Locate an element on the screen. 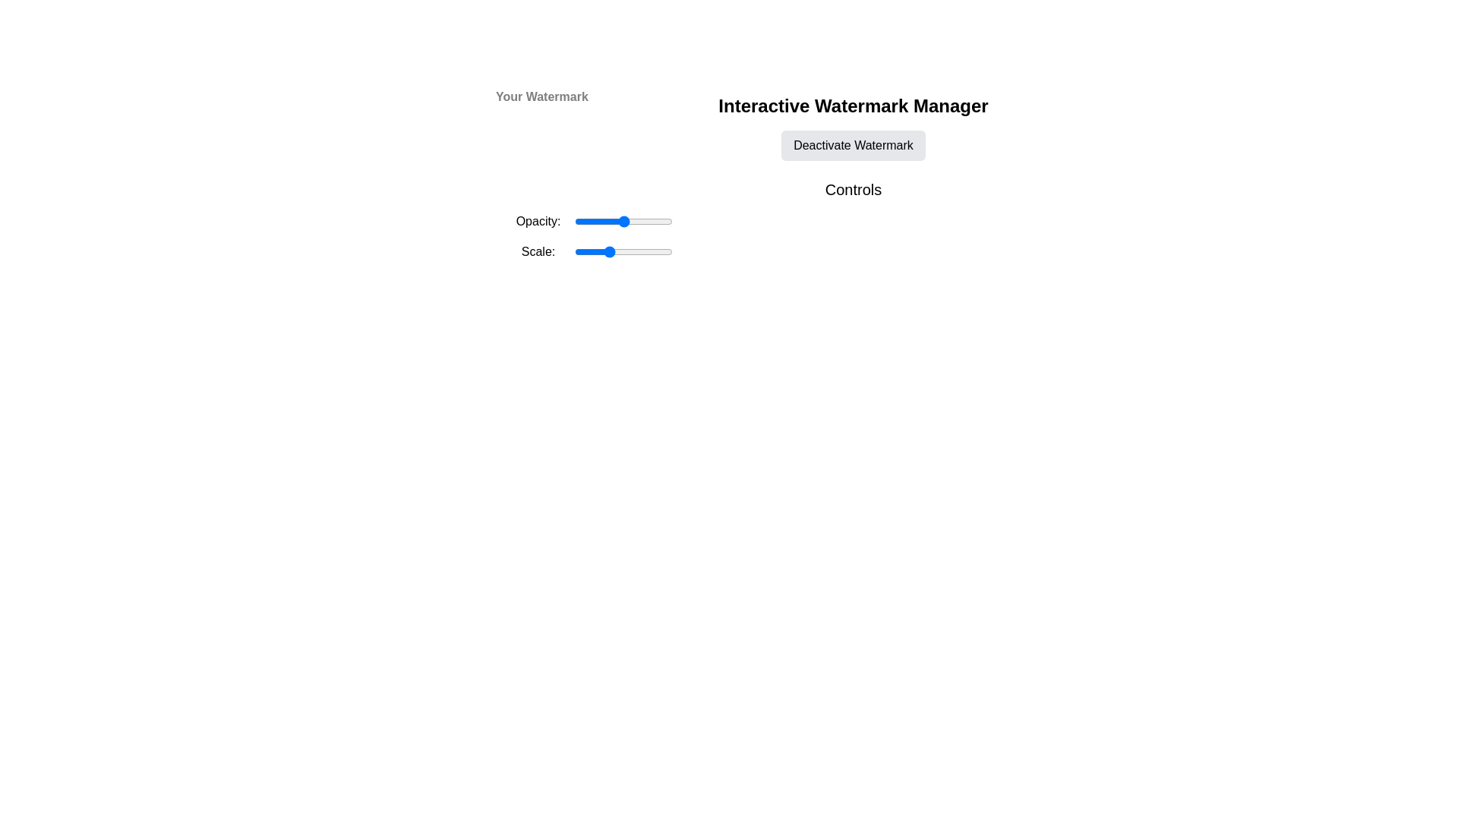 This screenshot has height=820, width=1458. the scale factor is located at coordinates (542, 245).